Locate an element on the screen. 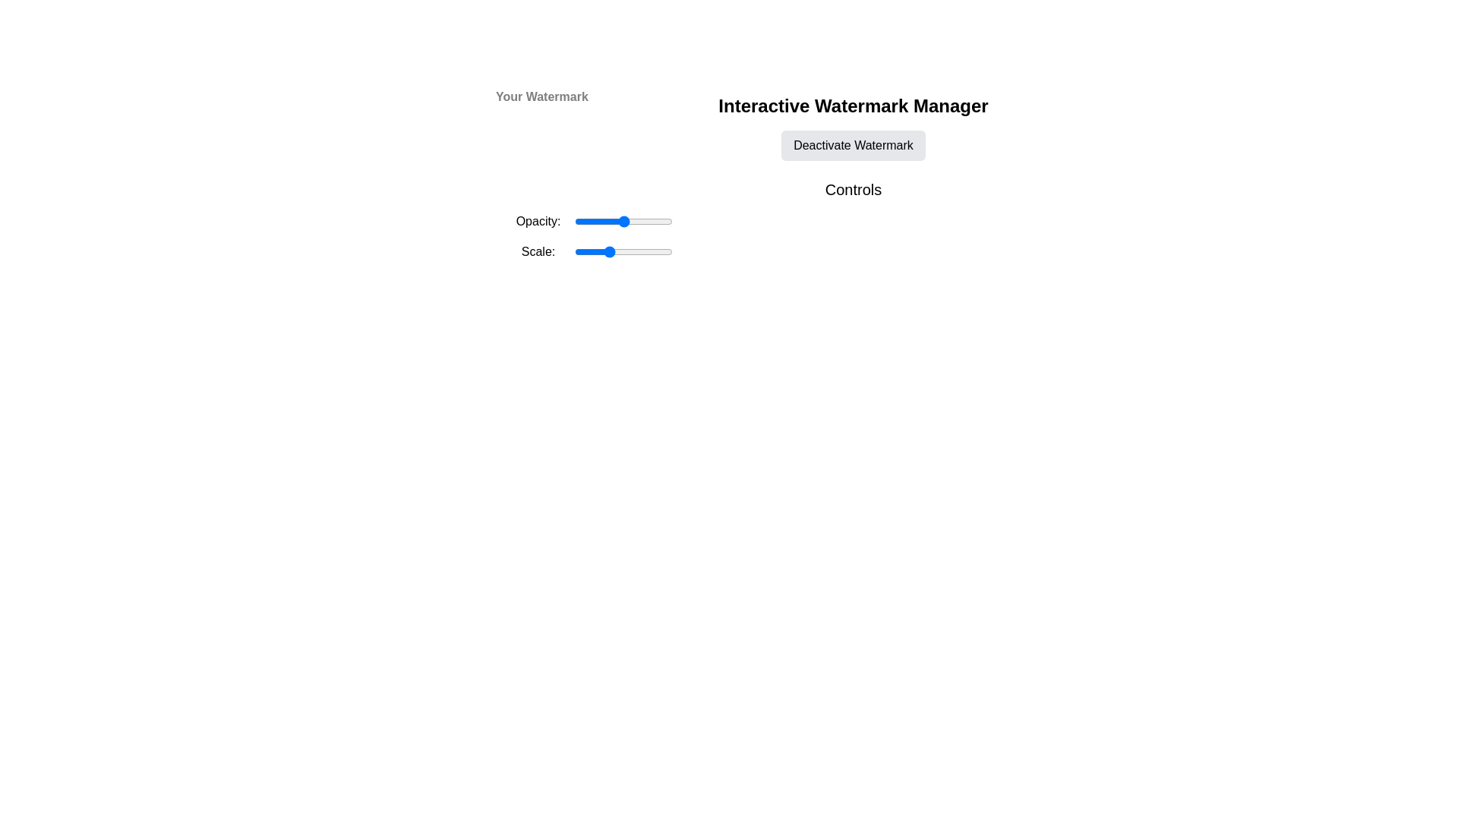 This screenshot has height=820, width=1458. the scale factor is located at coordinates (542, 245).